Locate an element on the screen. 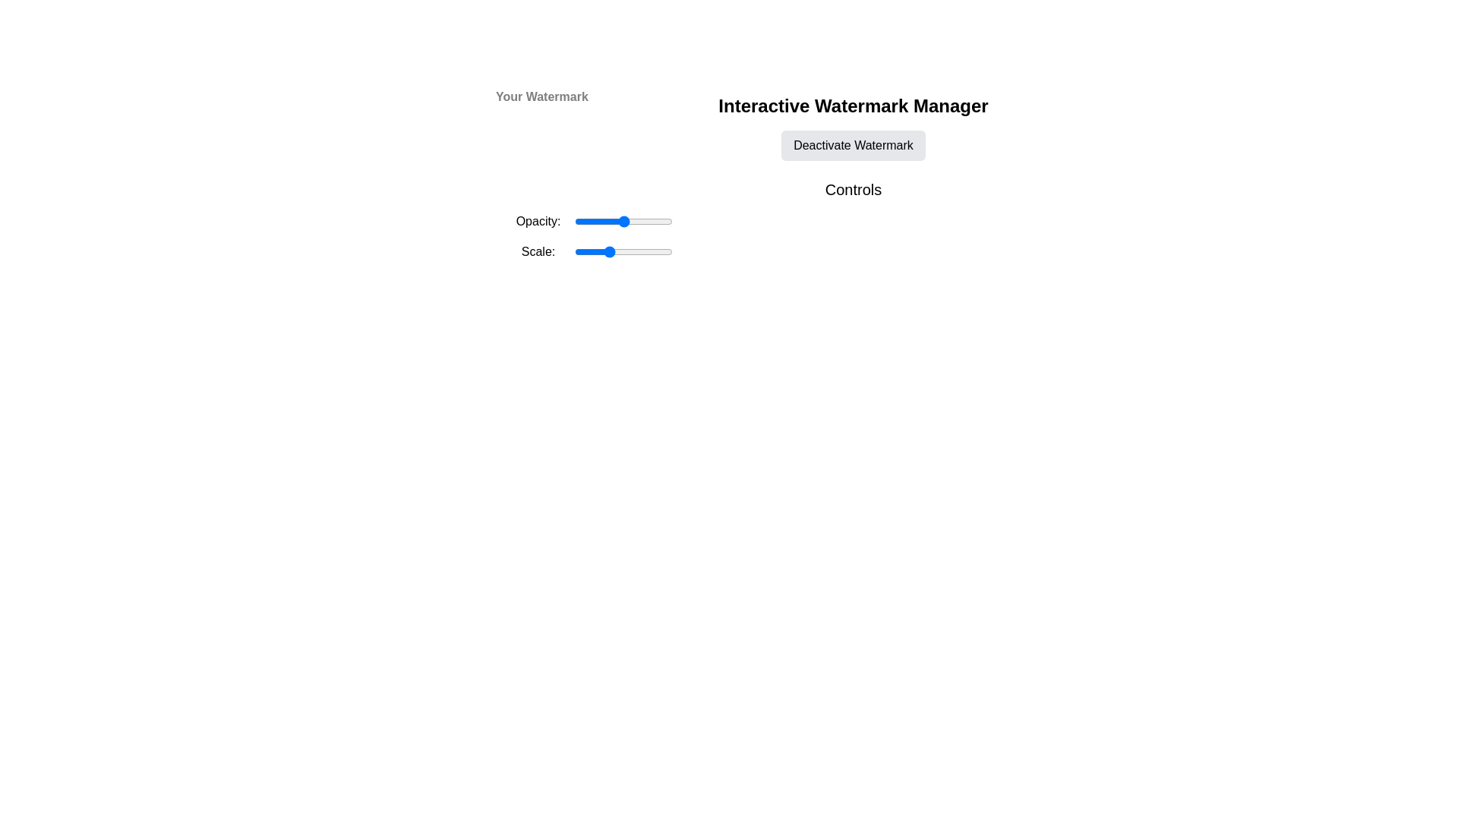 This screenshot has height=820, width=1458. the scale factor is located at coordinates (542, 245).